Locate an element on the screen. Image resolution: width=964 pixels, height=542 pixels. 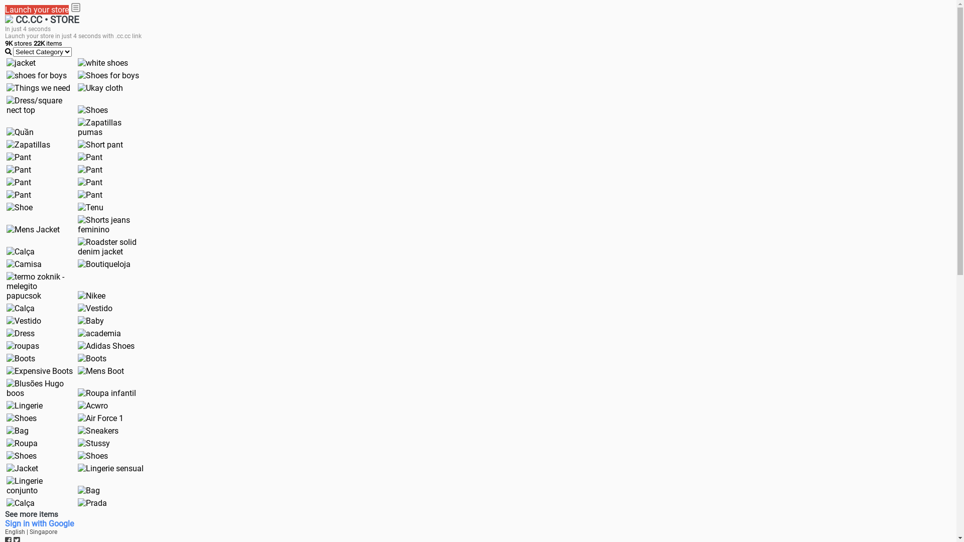
'Pant' is located at coordinates (77, 169).